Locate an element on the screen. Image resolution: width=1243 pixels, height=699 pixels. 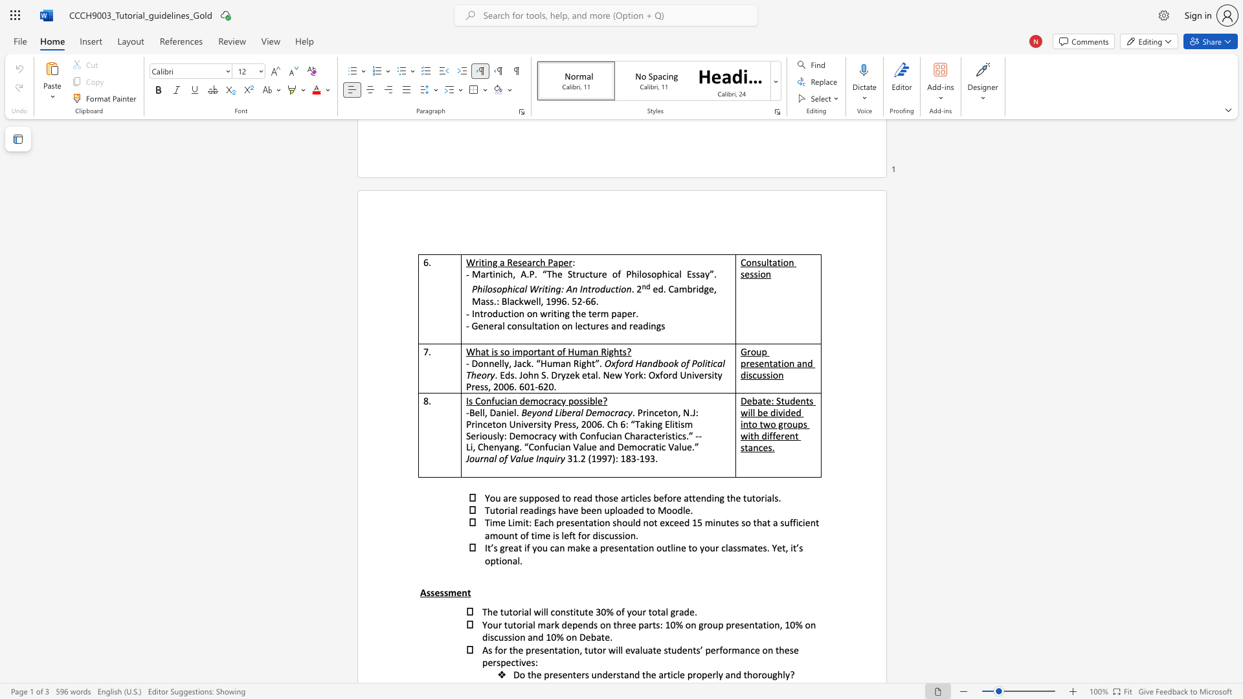
the subset text "pectives:" within the text "As for the presentation, tutor will evaluate students’ performance on these perspectives:" is located at coordinates (500, 662).